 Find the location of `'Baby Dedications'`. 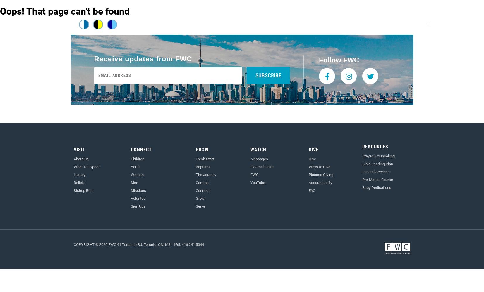

'Baby Dedications' is located at coordinates (377, 187).